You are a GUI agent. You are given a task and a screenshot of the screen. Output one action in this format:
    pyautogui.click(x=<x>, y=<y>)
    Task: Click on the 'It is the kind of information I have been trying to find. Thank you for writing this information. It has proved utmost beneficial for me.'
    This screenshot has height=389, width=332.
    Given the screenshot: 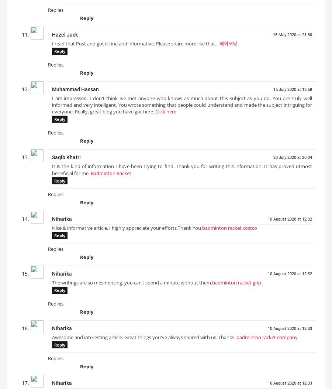 What is the action you would take?
    pyautogui.click(x=181, y=172)
    